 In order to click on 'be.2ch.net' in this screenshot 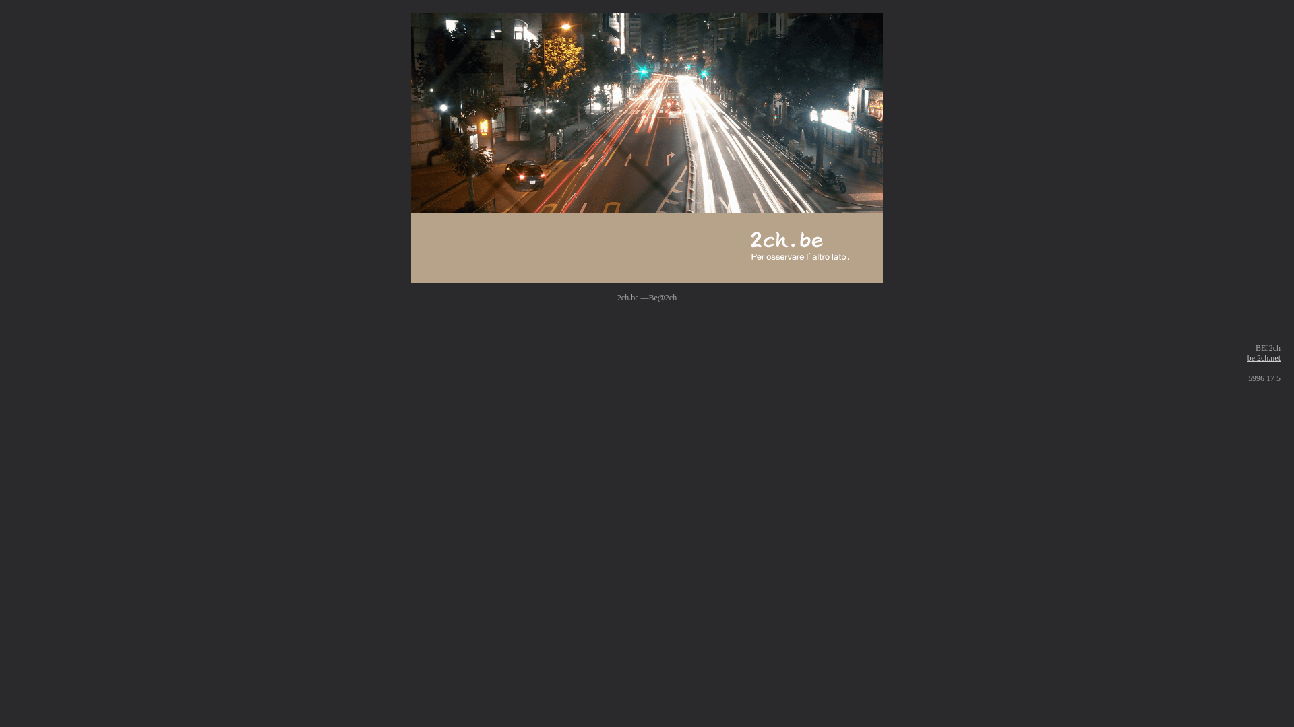, I will do `click(1263, 357)`.